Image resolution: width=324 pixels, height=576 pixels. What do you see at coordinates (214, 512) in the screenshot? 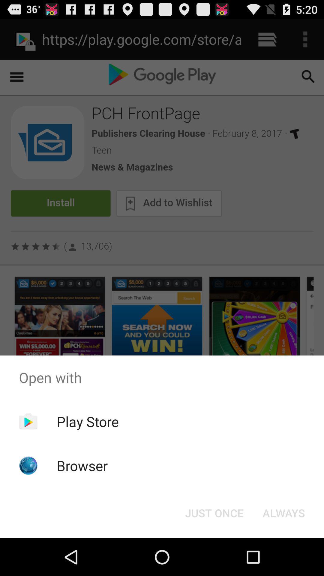
I see `the just once at the bottom` at bounding box center [214, 512].